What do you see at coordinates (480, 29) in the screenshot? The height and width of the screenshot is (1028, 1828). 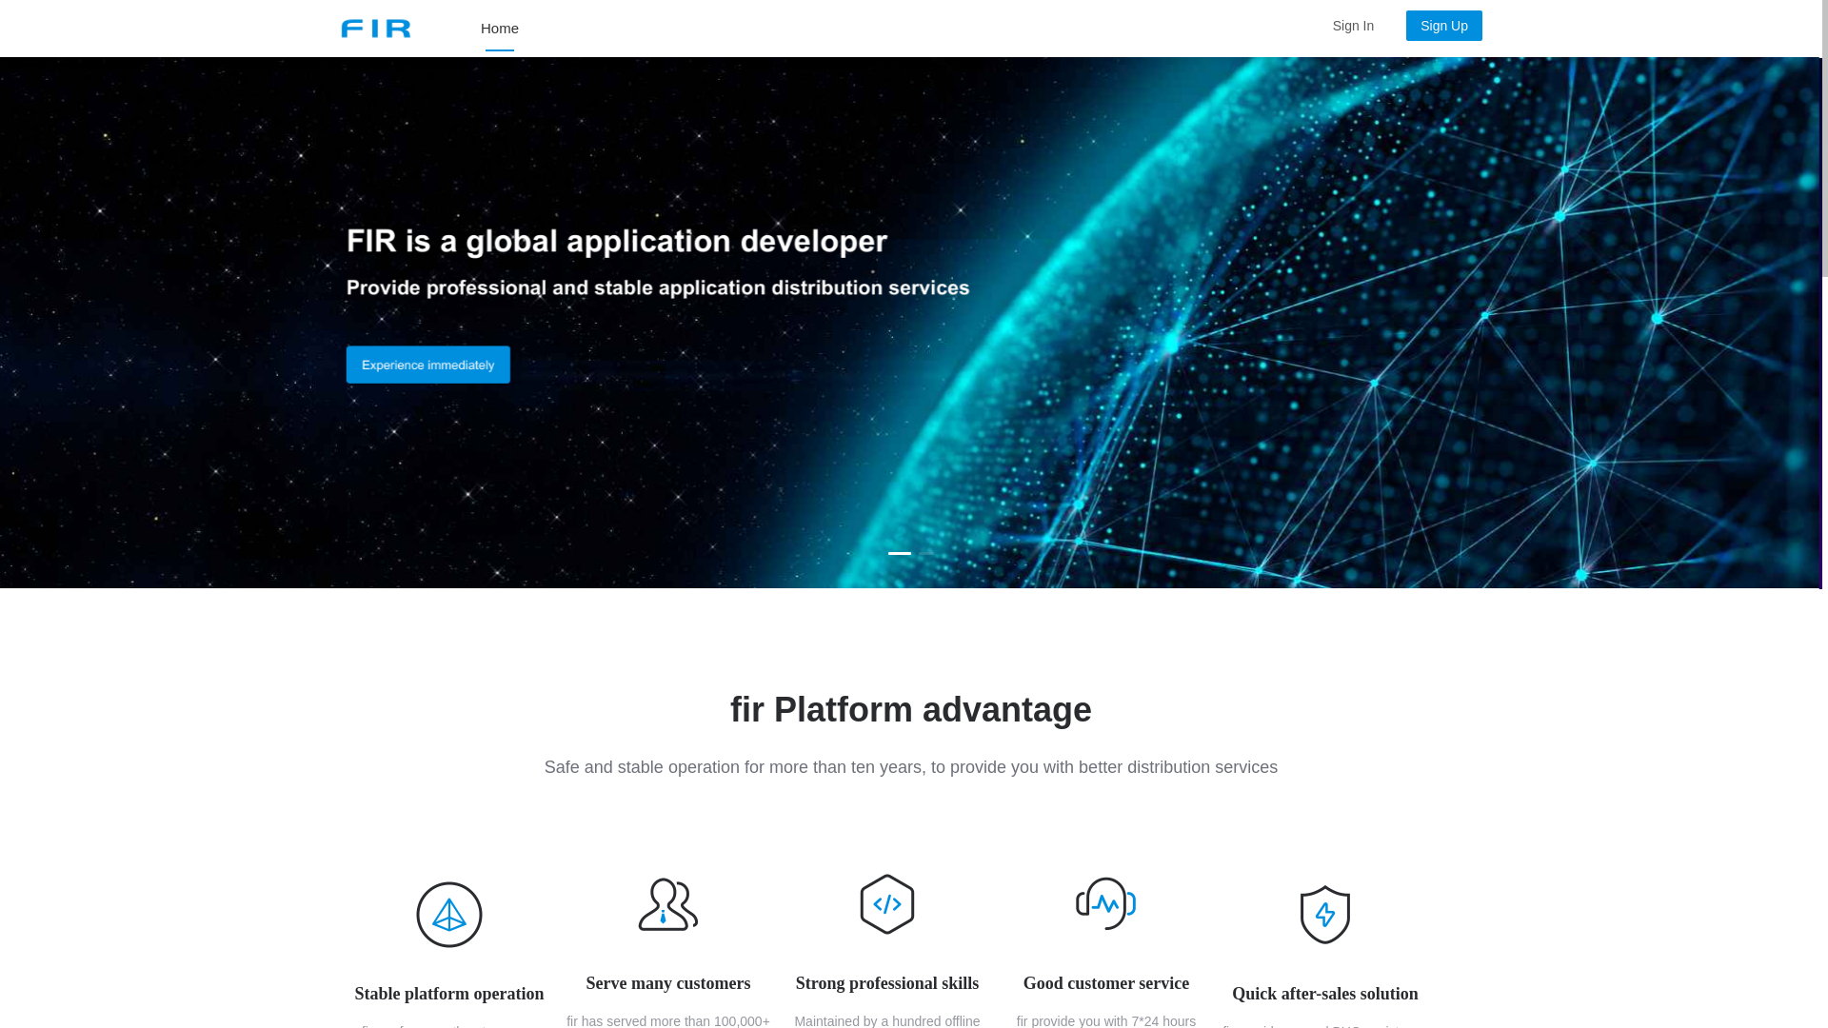 I see `'Home'` at bounding box center [480, 29].